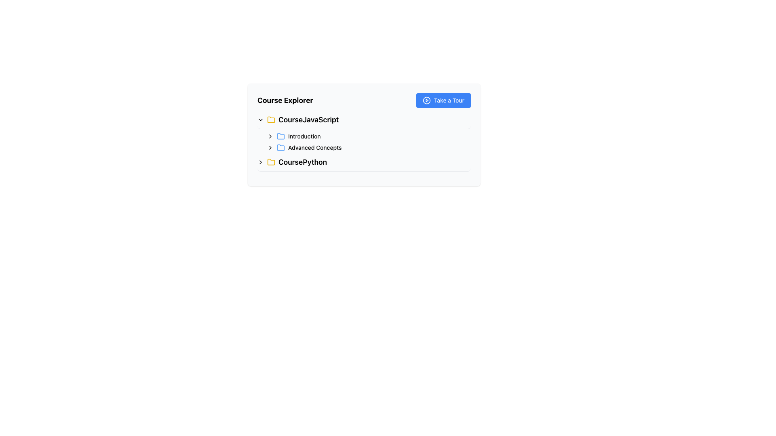 The image size is (776, 436). I want to click on the 'Advanced Concepts' list item in the 'Course Explorer' sidebar, so click(368, 148).